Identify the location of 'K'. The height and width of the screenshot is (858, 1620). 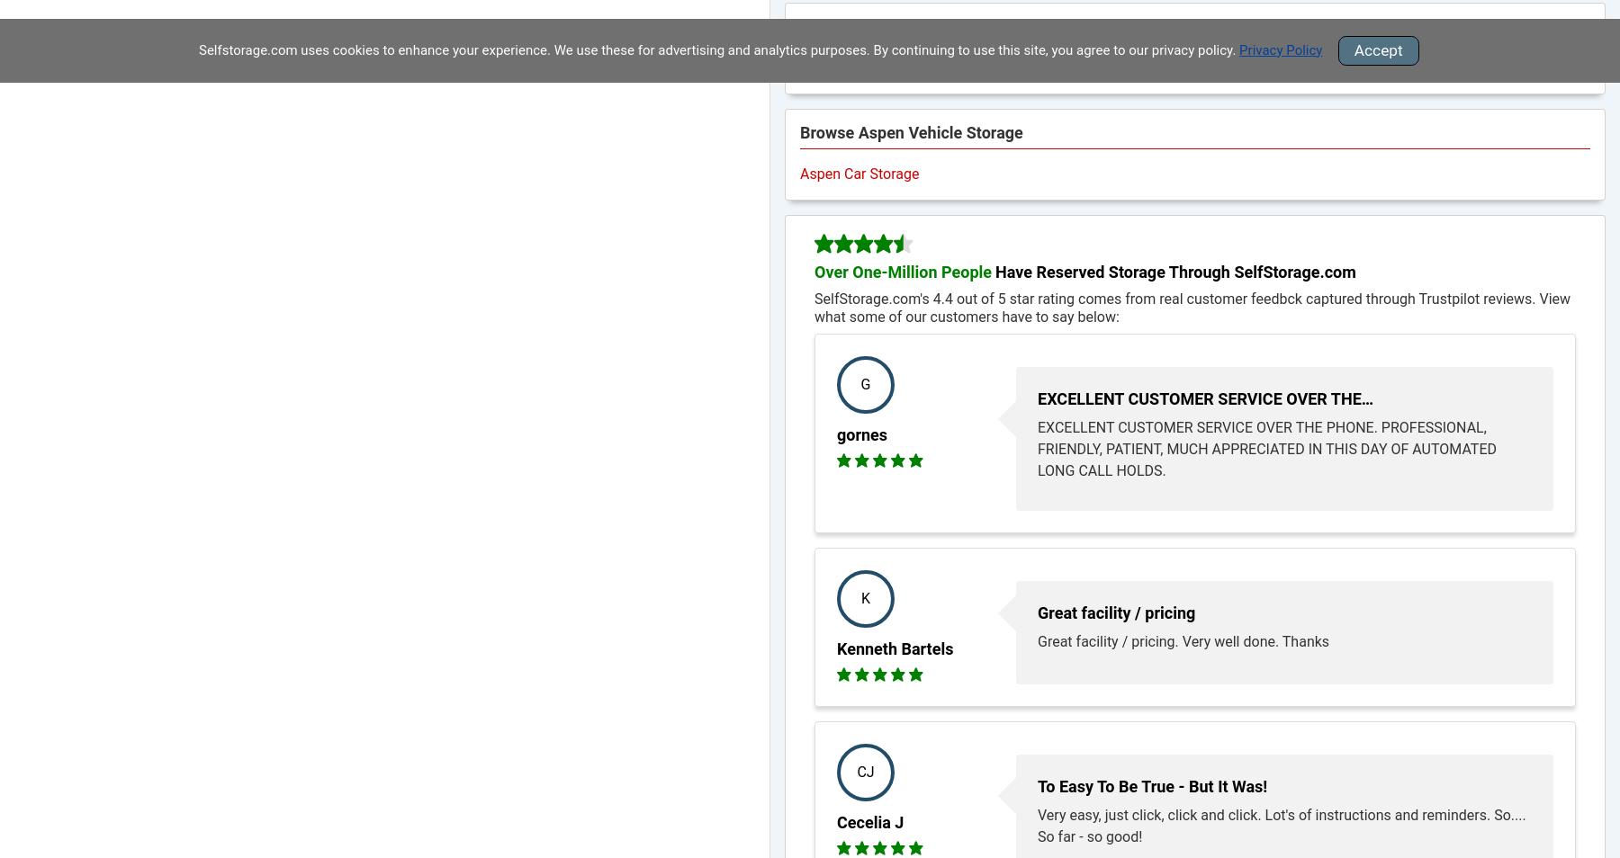
(859, 597).